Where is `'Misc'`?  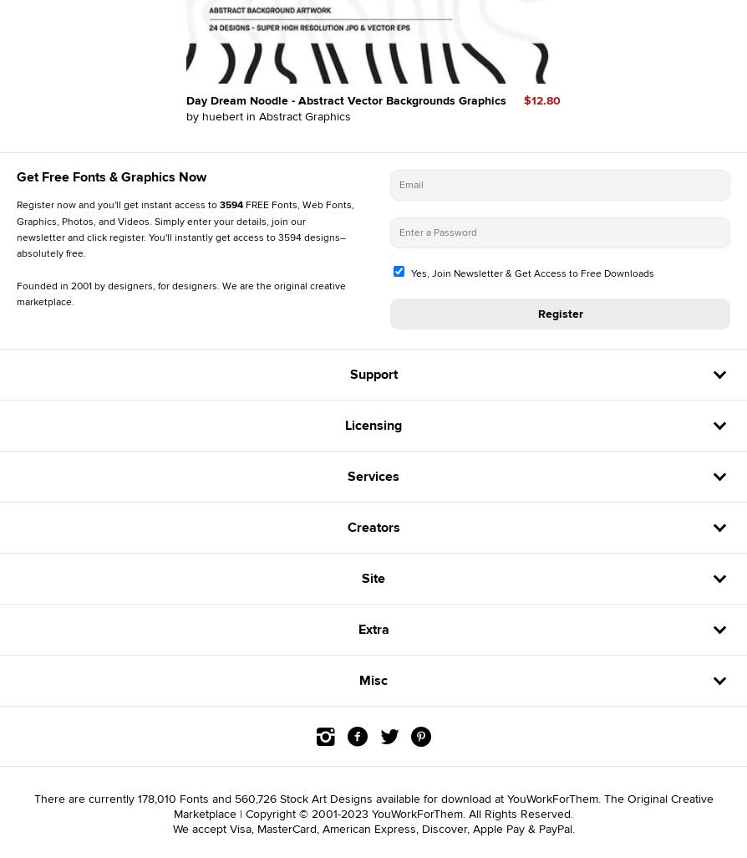 'Misc' is located at coordinates (373, 679).